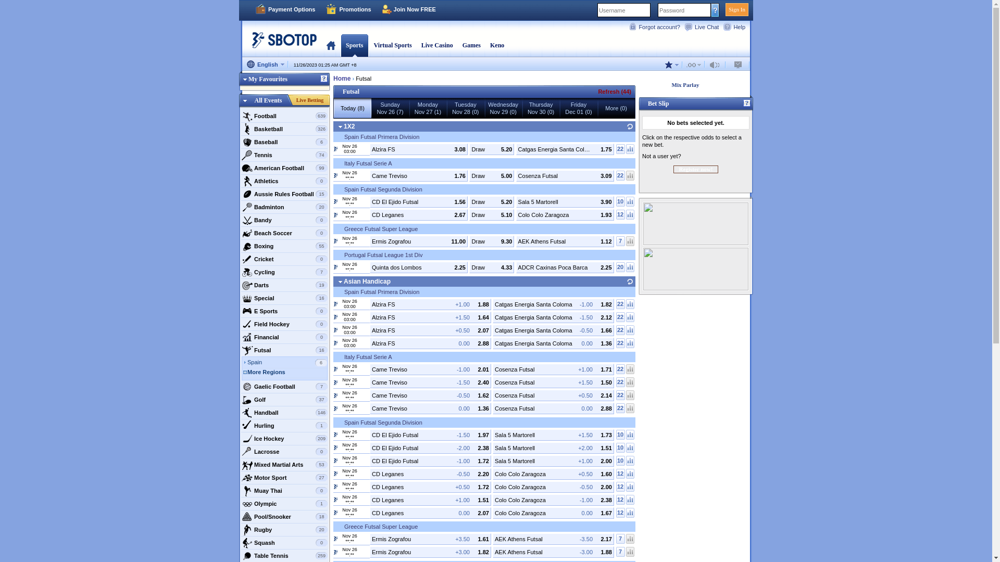 This screenshot has width=1000, height=562. What do you see at coordinates (430, 486) in the screenshot?
I see `'1.72` at bounding box center [430, 486].